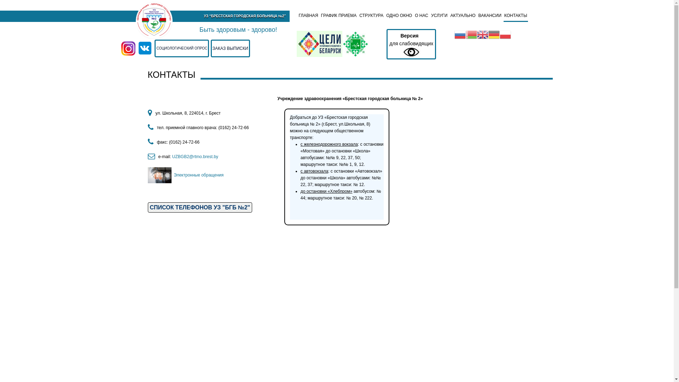 The width and height of the screenshot is (679, 382). Describe the element at coordinates (499, 34) in the screenshot. I see `'Polish'` at that location.